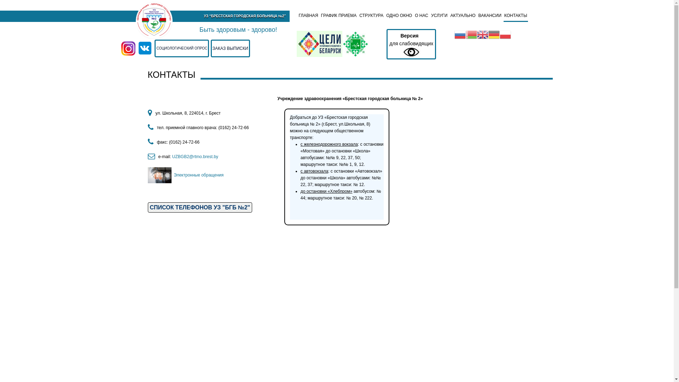 The width and height of the screenshot is (679, 382). Describe the element at coordinates (499, 34) in the screenshot. I see `'Polish'` at that location.